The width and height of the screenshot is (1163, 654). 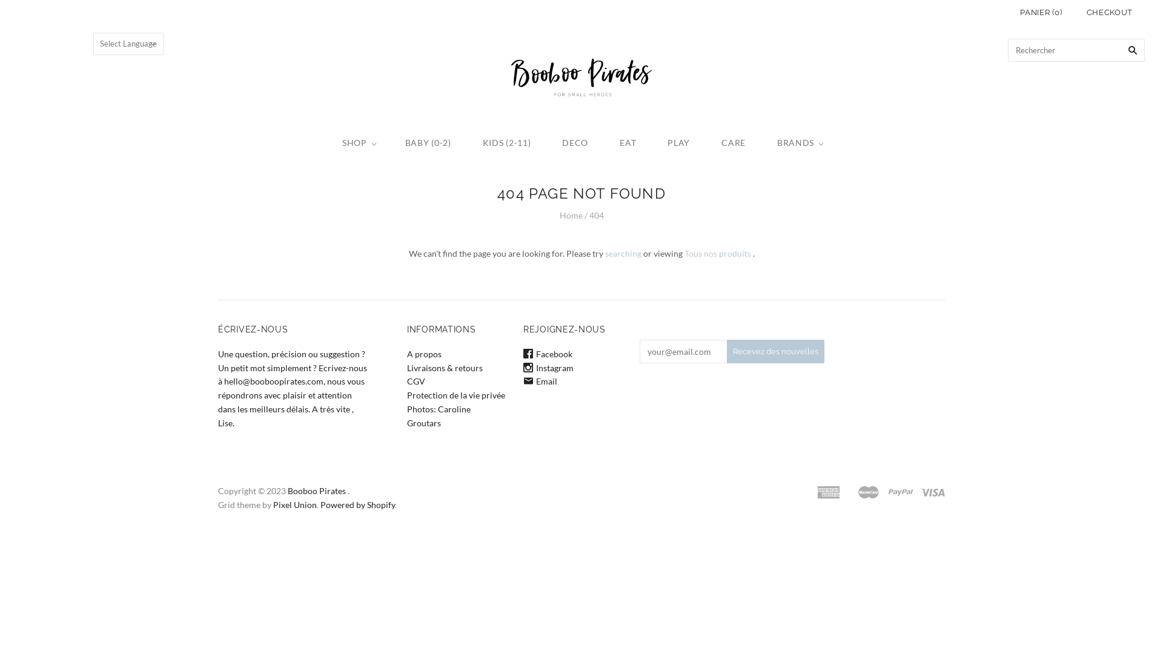 What do you see at coordinates (407, 367) in the screenshot?
I see `'Livraisons & retours'` at bounding box center [407, 367].